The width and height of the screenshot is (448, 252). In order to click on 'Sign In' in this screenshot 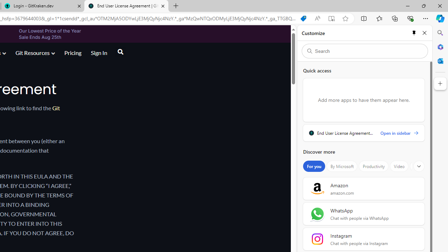, I will do `click(98, 52)`.